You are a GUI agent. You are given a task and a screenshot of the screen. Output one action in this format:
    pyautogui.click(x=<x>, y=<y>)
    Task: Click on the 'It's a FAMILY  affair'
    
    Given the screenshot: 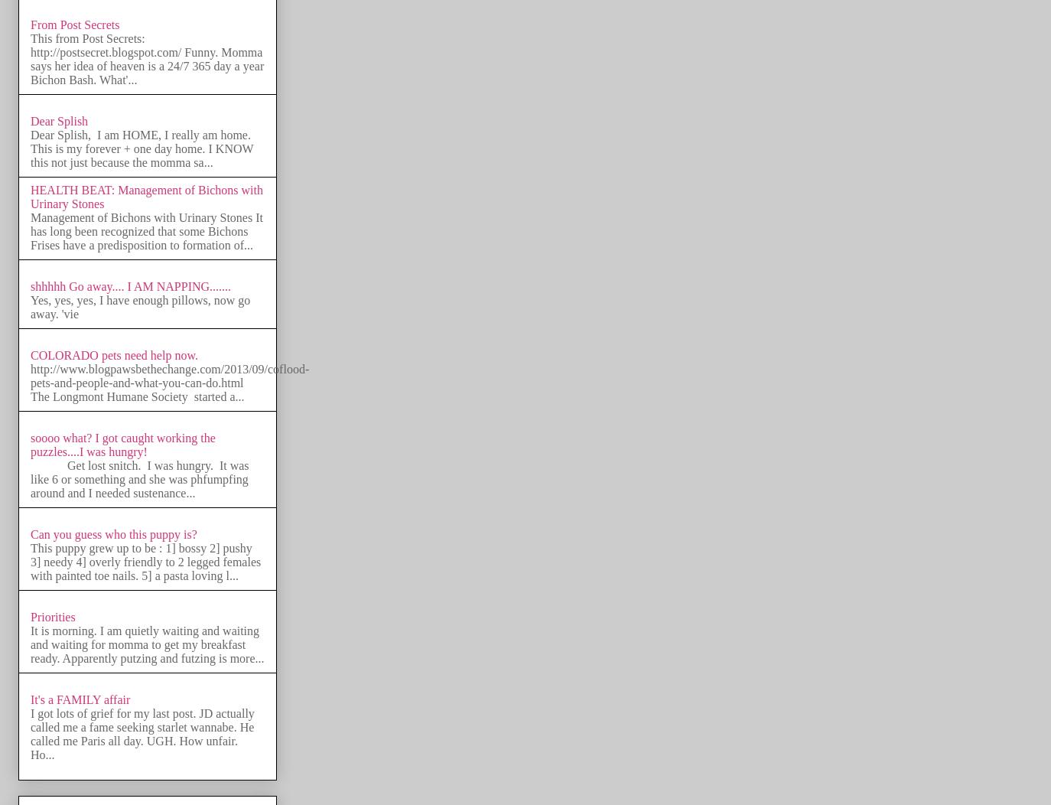 What is the action you would take?
    pyautogui.click(x=79, y=699)
    